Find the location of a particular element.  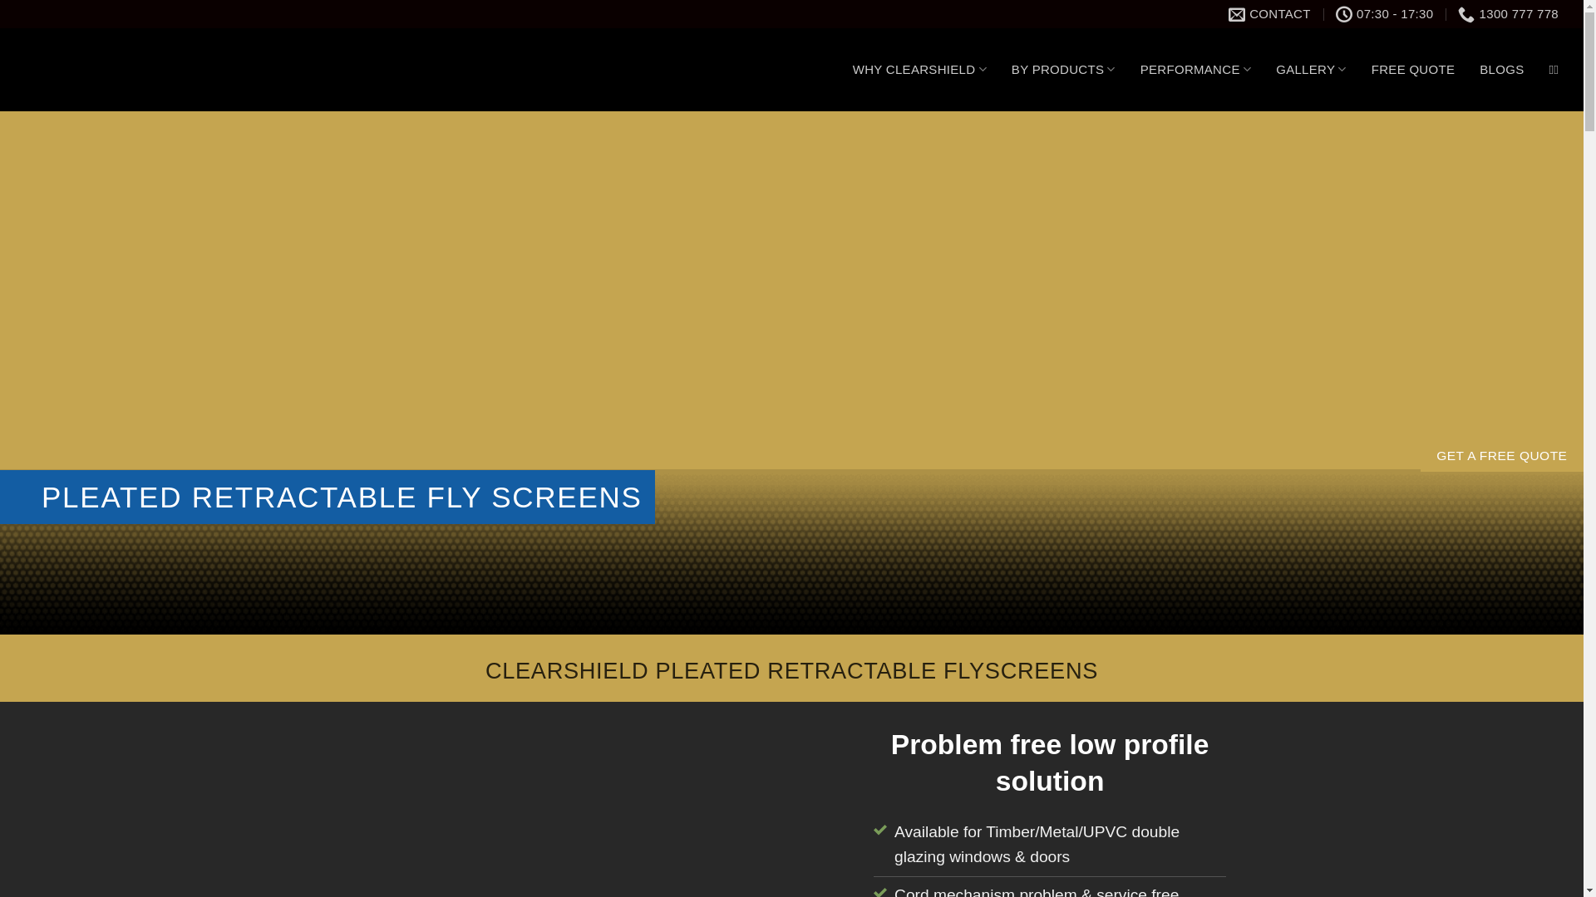

'BLOGS' is located at coordinates (1501, 69).